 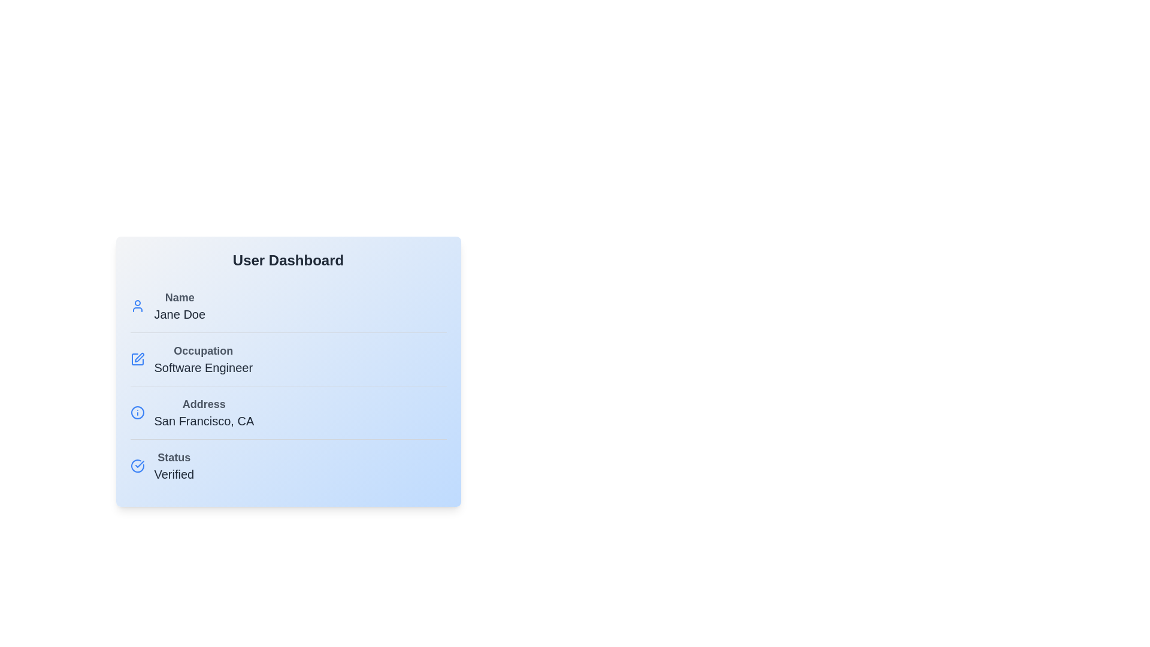 I want to click on address information displayed in the Text Display located in the third row of the left-aligned section of the user dashboard, positioned between 'Occupation Software Engineer' and 'Status Verified', so click(x=204, y=412).